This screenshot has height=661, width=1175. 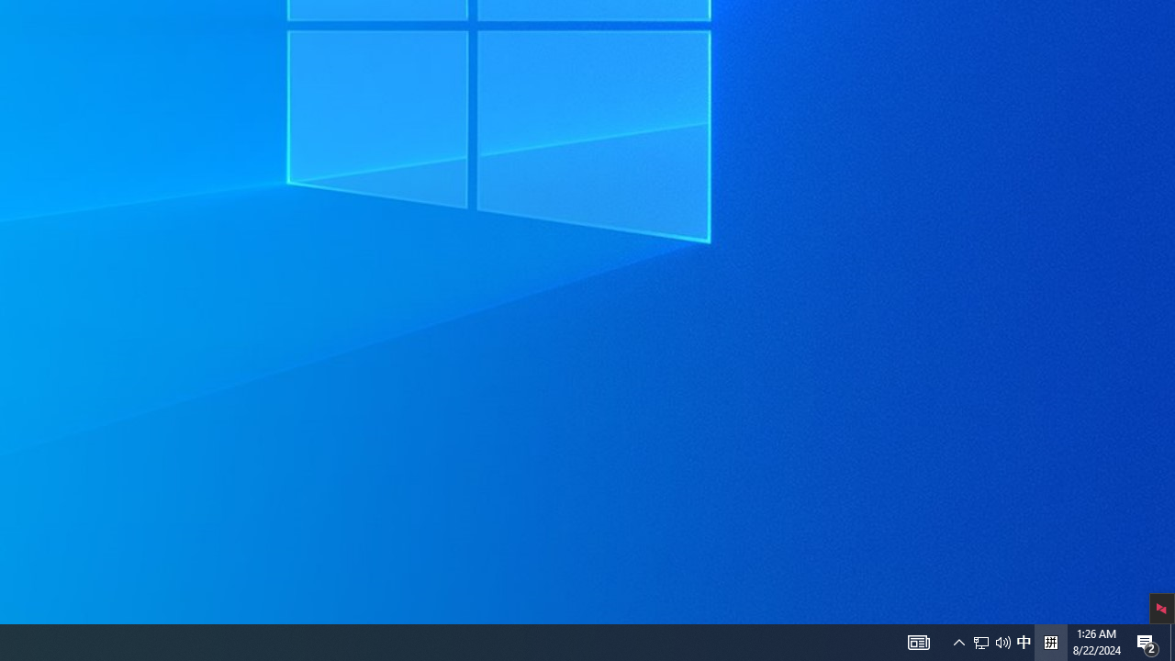 What do you see at coordinates (1171, 641) in the screenshot?
I see `'Action Center, 2 new notifications'` at bounding box center [1171, 641].